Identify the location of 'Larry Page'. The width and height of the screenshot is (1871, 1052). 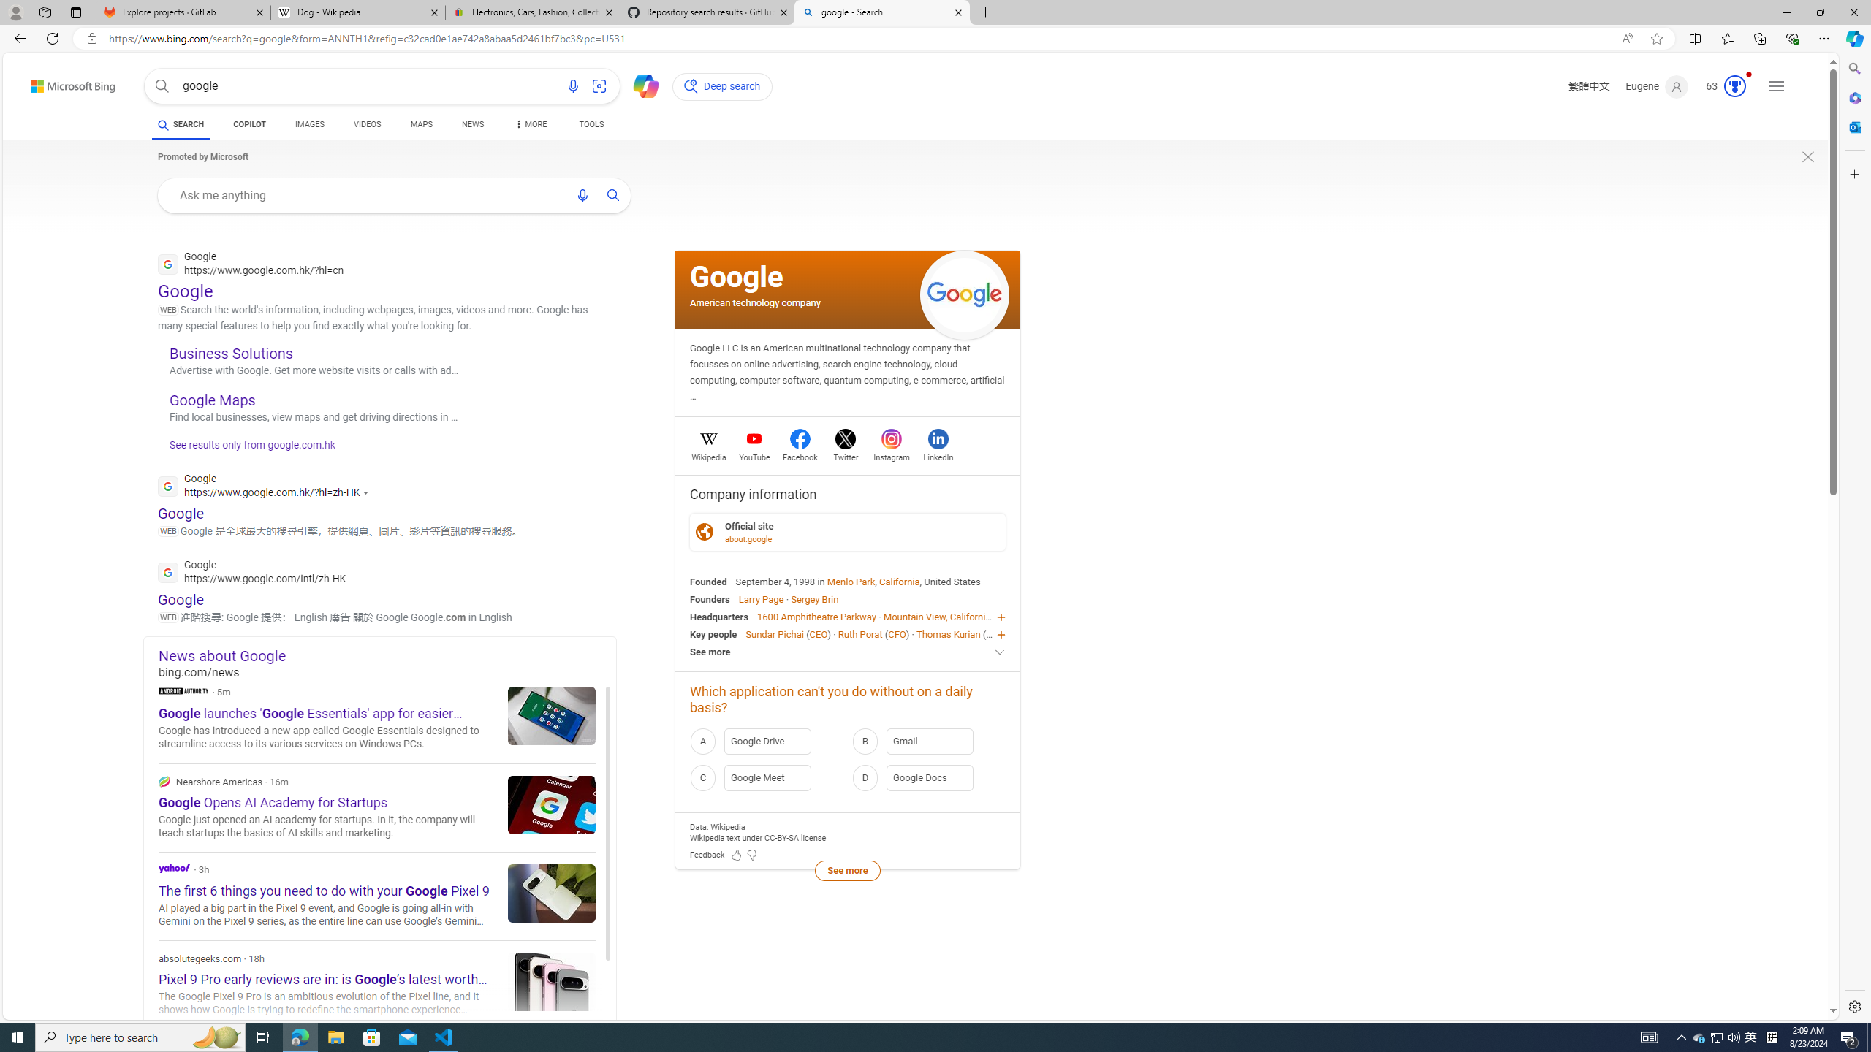
(760, 598).